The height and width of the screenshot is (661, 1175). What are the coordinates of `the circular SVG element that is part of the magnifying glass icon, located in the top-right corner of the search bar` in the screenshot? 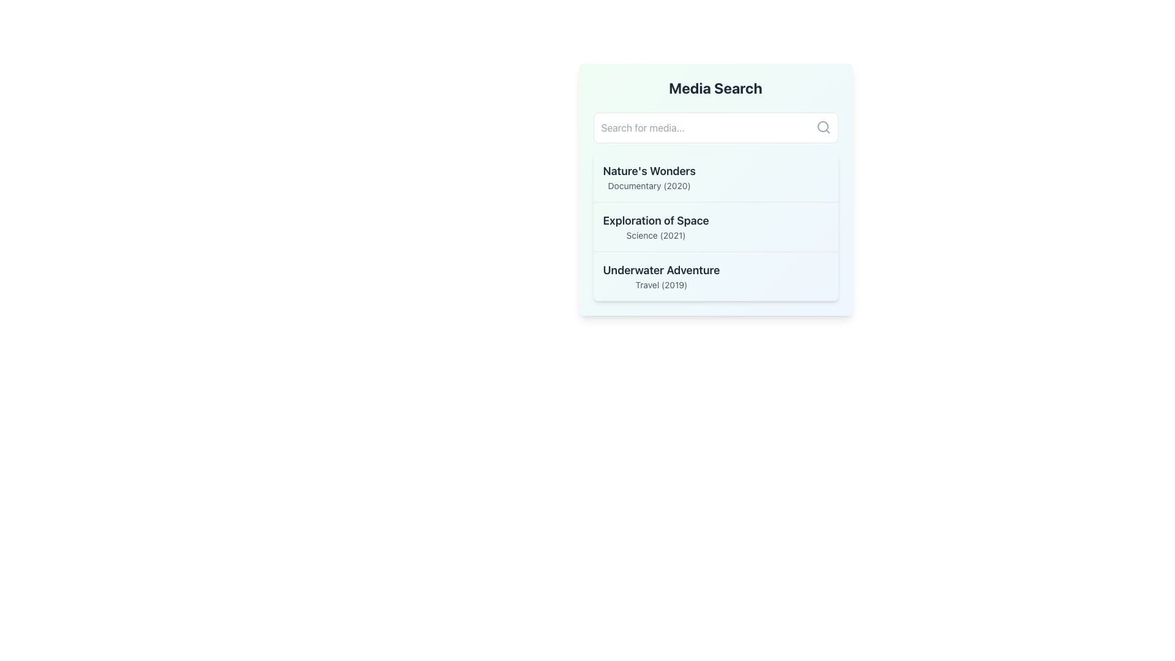 It's located at (822, 127).